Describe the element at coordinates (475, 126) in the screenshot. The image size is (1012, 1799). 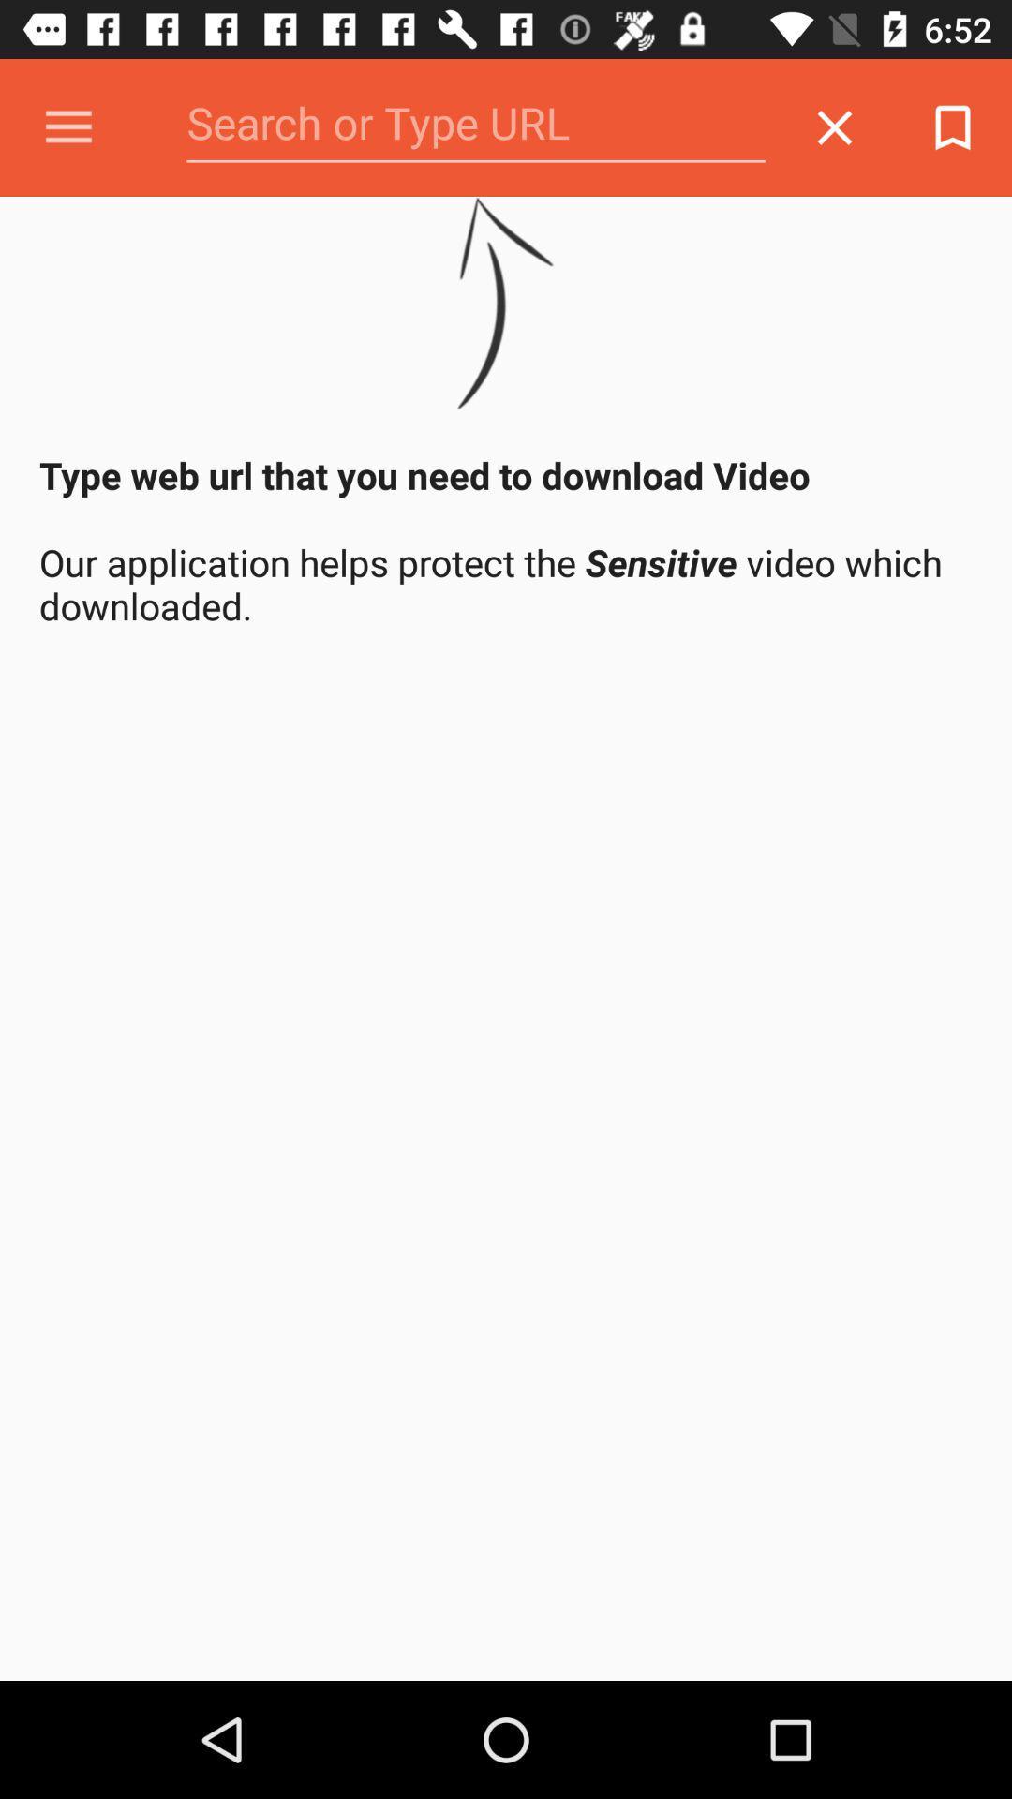
I see `search url` at that location.